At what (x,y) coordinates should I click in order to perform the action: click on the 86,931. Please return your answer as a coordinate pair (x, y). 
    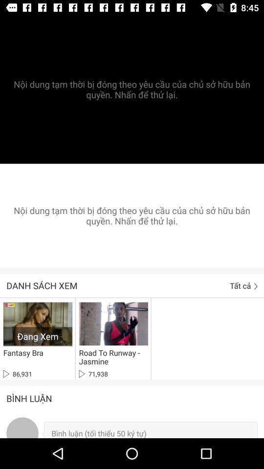
    Looking at the image, I should click on (18, 373).